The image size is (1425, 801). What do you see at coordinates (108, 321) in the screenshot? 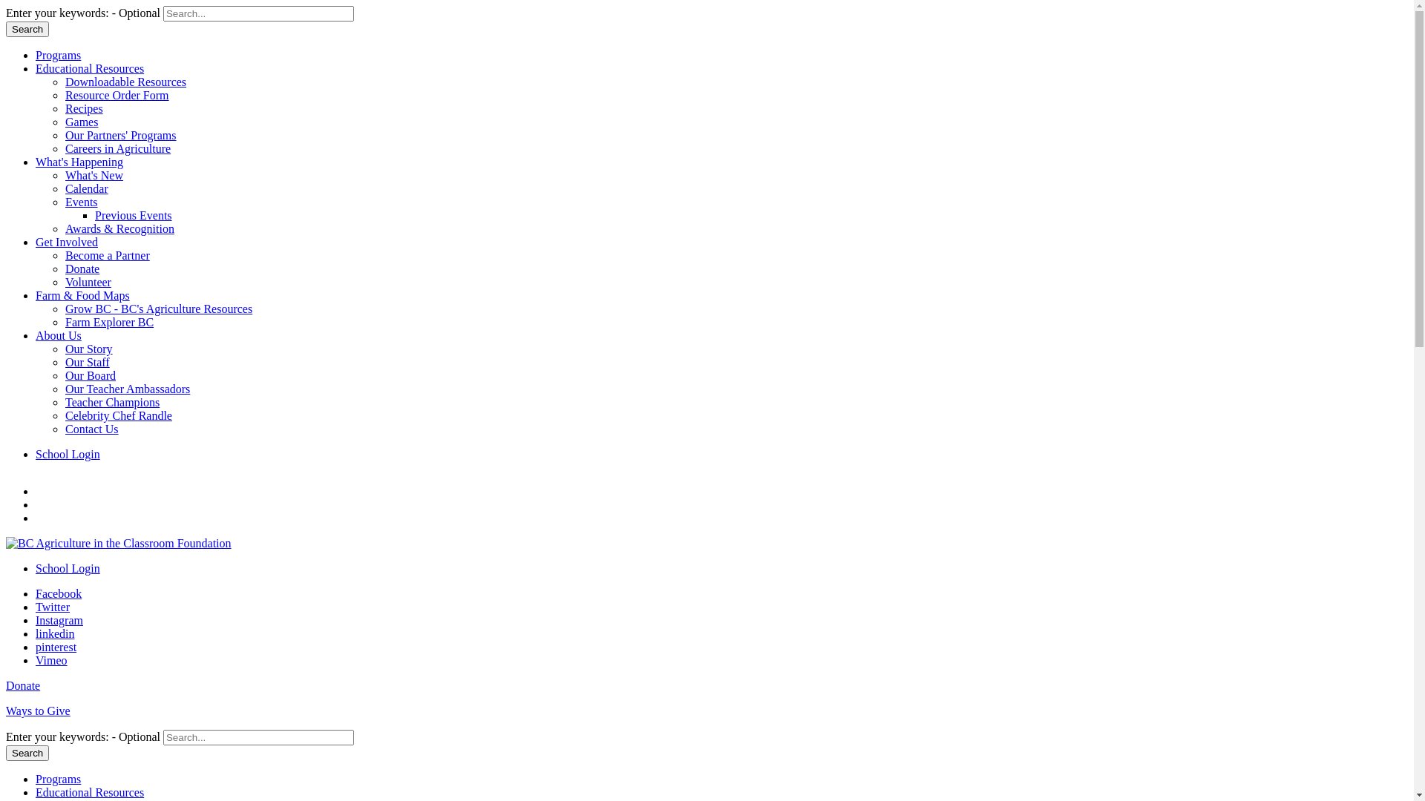
I see `'Farm Explorer BC'` at bounding box center [108, 321].